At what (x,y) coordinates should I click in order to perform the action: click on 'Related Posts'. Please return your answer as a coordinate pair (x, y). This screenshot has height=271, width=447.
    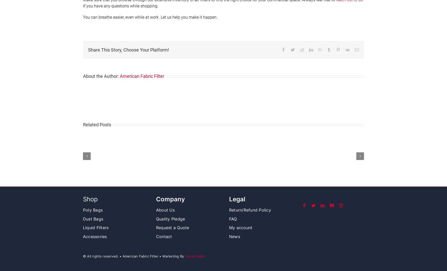
    Looking at the image, I should click on (97, 124).